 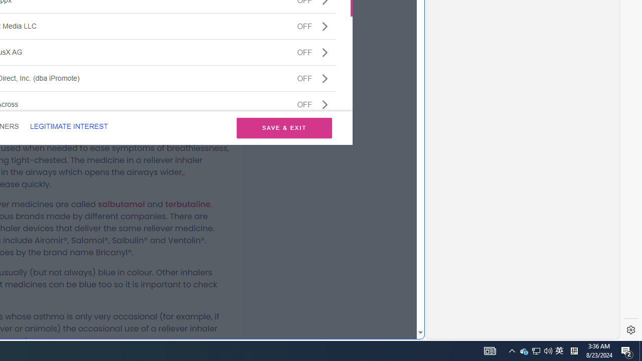 I want to click on 'Class: css-jswnc6', so click(x=325, y=104).